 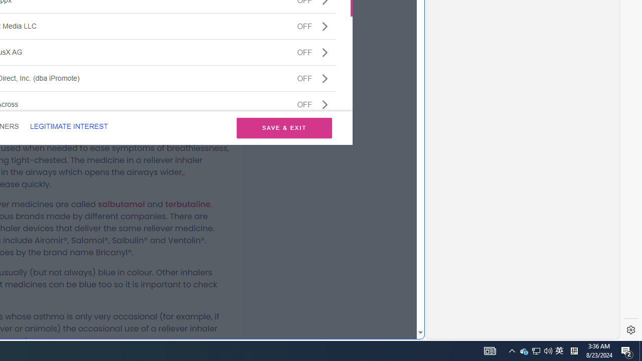 I want to click on 'Class: css-jswnc6', so click(x=325, y=104).